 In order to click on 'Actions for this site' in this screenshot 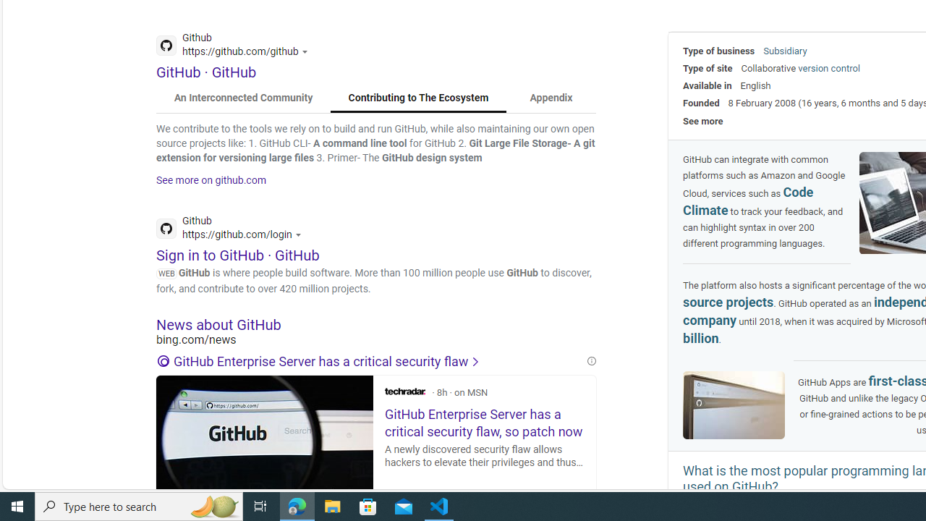, I will do `click(300, 234)`.